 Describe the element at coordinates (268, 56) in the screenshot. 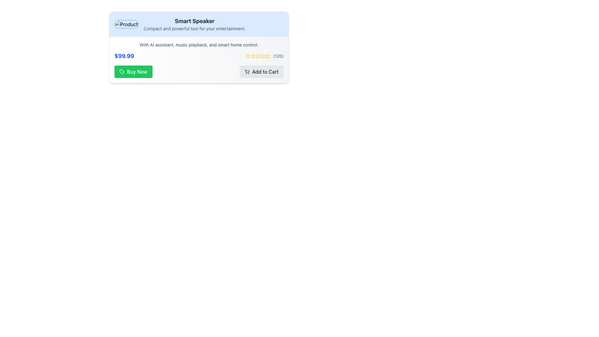

I see `the fifth Rating Star Icon in the horizontal row of five stars, which is styled with yellow and gray tones, located to the left of the text '(120)' beneath the descriptive text of the product card` at that location.